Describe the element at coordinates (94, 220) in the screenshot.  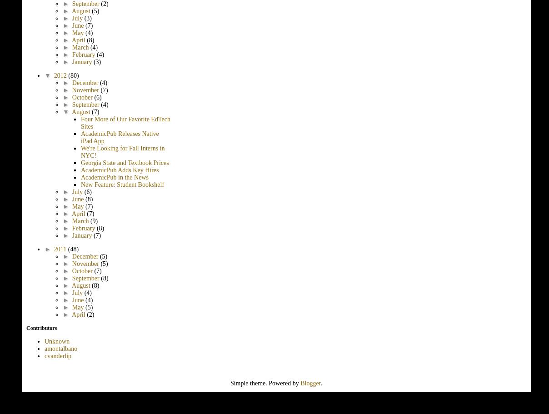
I see `'(9)'` at that location.